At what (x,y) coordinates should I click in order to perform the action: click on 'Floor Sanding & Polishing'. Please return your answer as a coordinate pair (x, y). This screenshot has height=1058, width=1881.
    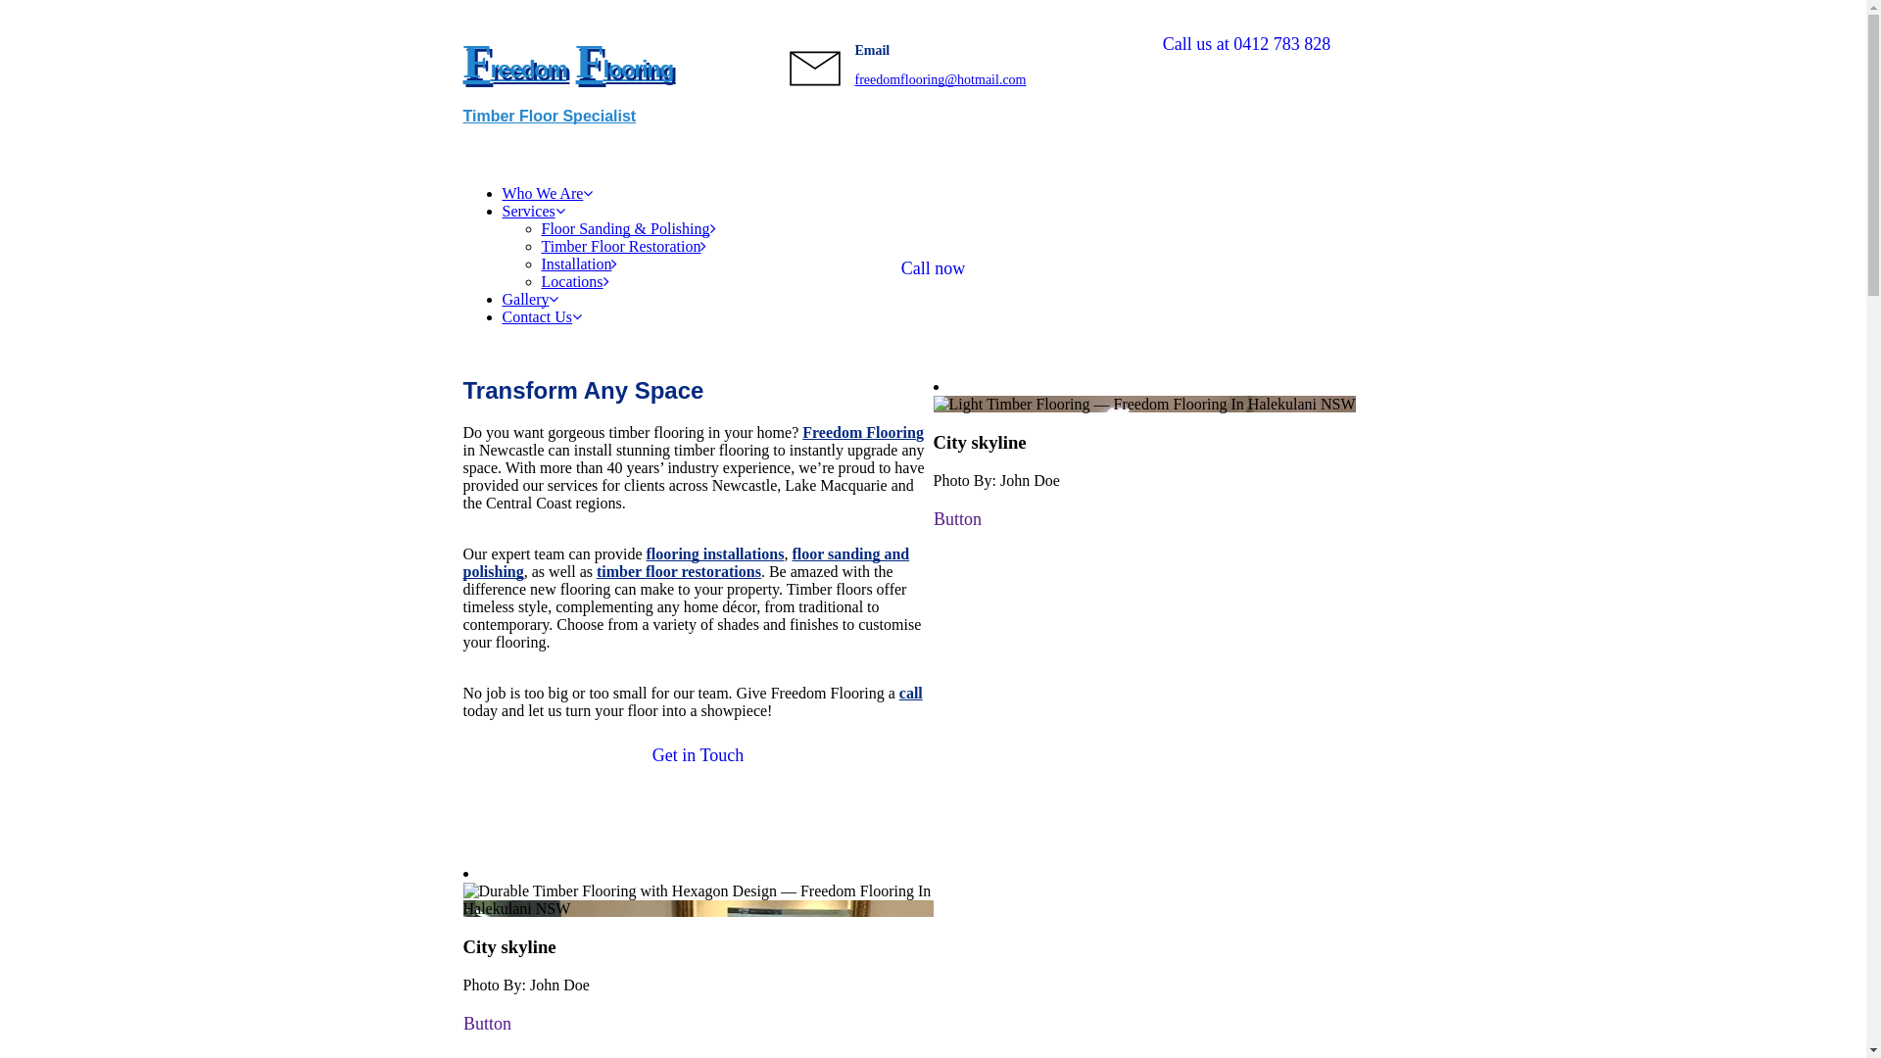
    Looking at the image, I should click on (541, 227).